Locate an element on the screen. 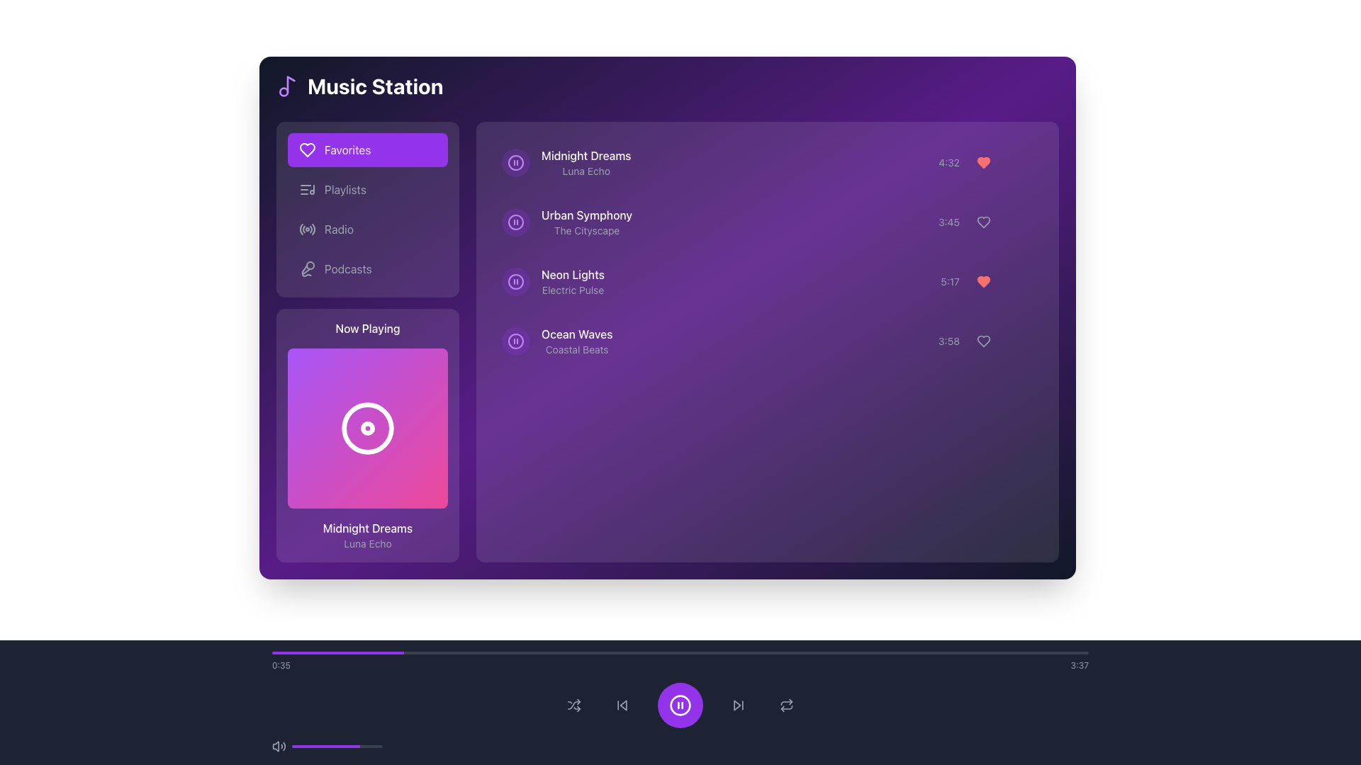 The image size is (1361, 765). the 'Now Playing' text label, which is styled in white font against a purple background, located in the upper section of the sidebar directly above a graphical square element is located at coordinates (367, 328).